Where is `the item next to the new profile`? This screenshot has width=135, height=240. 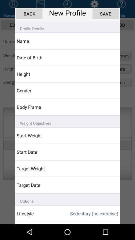 the item next to the new profile is located at coordinates (105, 13).